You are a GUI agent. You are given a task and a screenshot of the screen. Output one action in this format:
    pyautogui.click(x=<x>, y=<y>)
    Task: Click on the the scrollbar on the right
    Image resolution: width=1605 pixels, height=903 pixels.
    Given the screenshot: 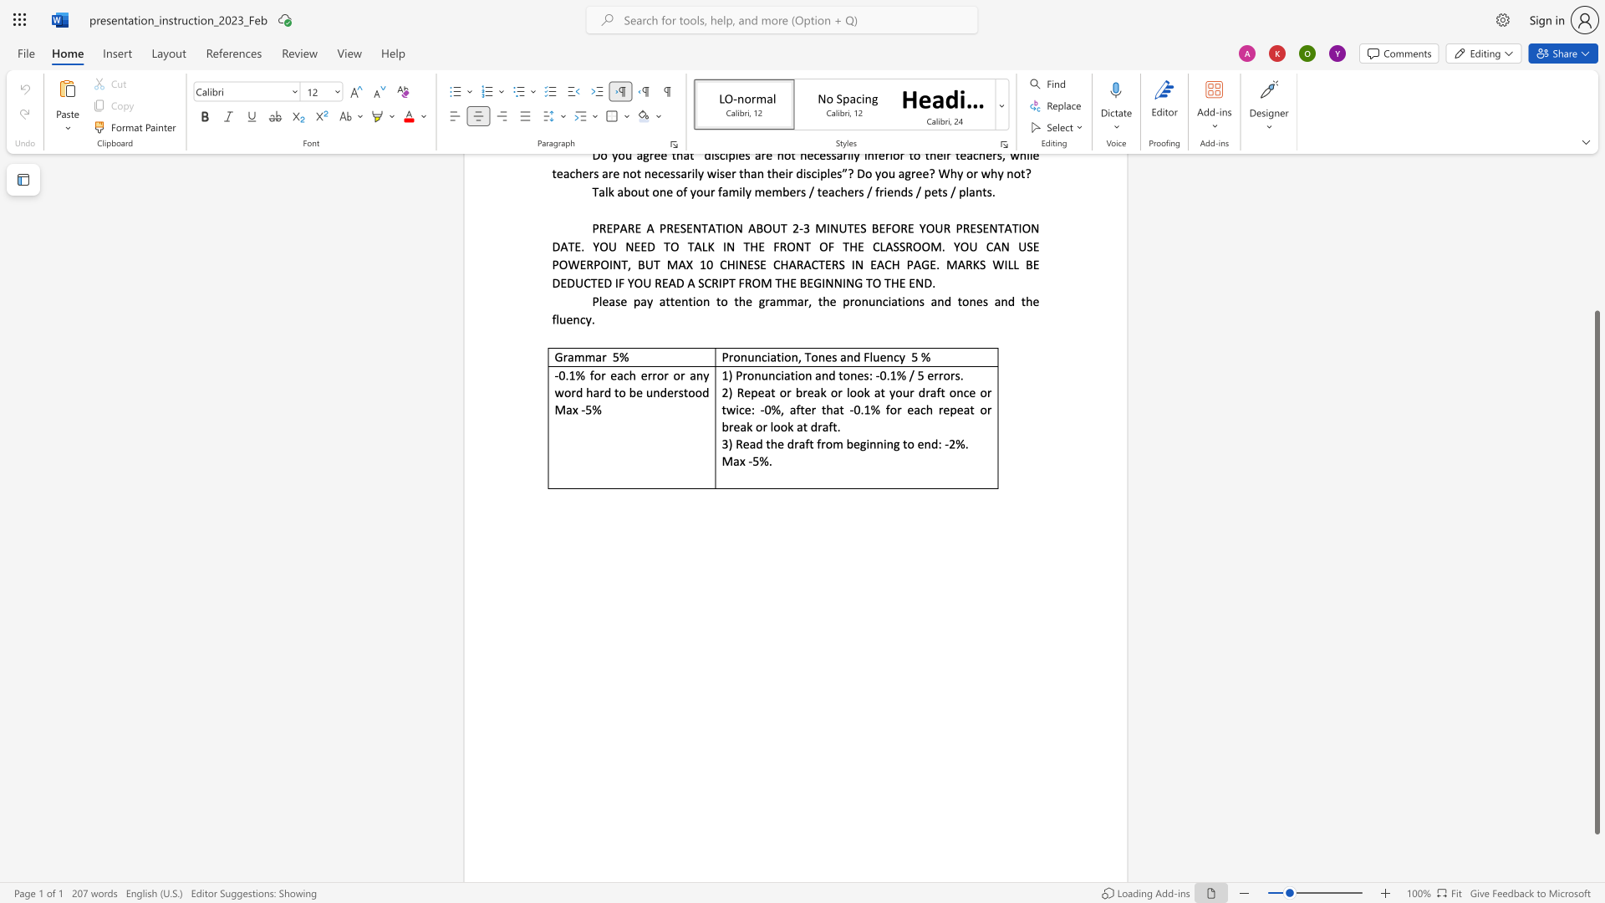 What is the action you would take?
    pyautogui.click(x=1596, y=275)
    